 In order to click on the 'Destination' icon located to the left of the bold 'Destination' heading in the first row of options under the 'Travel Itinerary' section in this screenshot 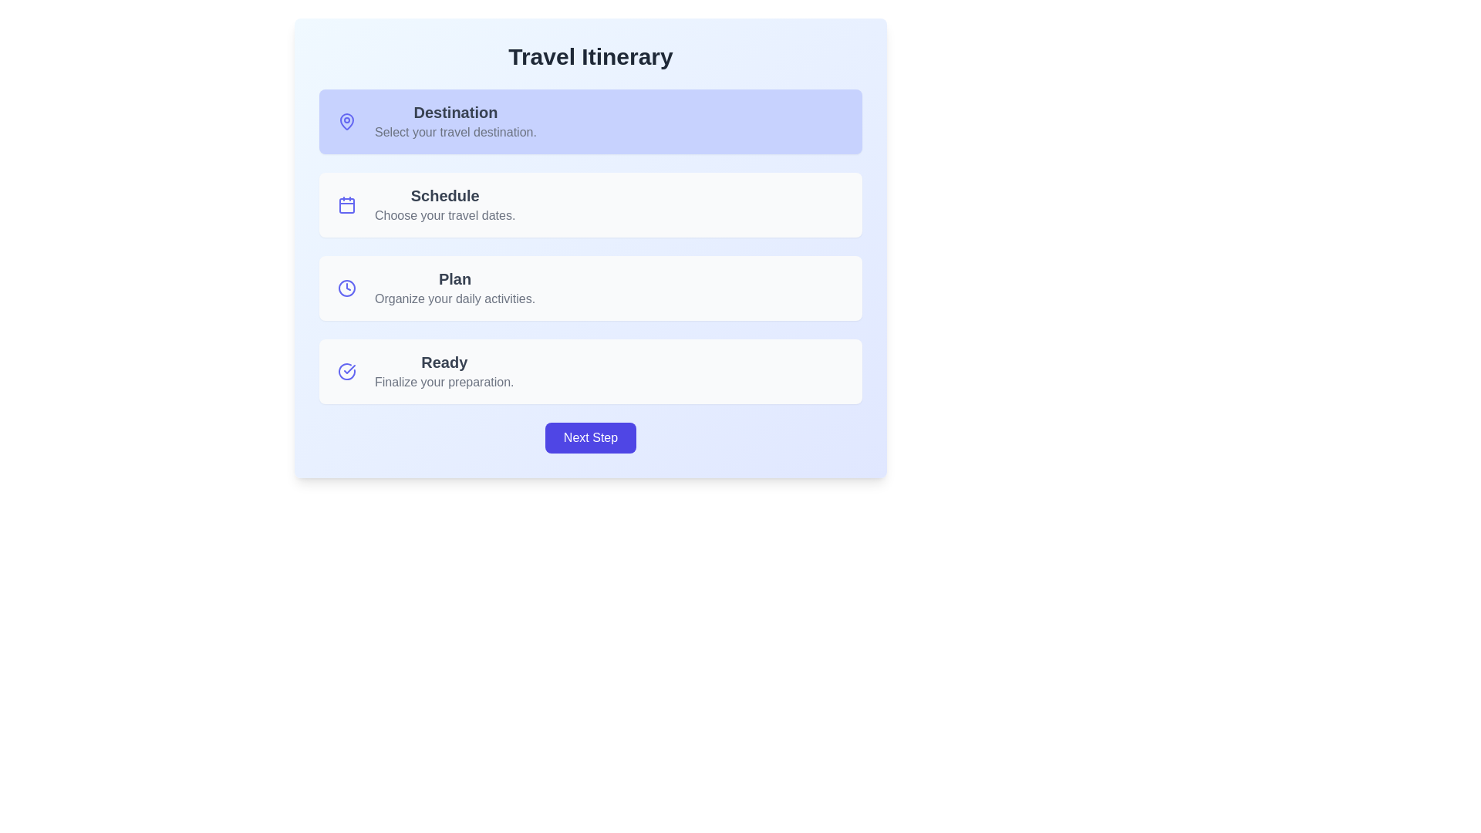, I will do `click(346, 120)`.